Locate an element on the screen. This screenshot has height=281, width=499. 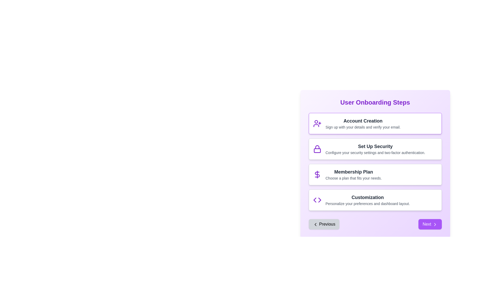
the upper semicircular arc of the lock icon in the 'Set Up Security' card during user onboarding steps is located at coordinates (317, 147).